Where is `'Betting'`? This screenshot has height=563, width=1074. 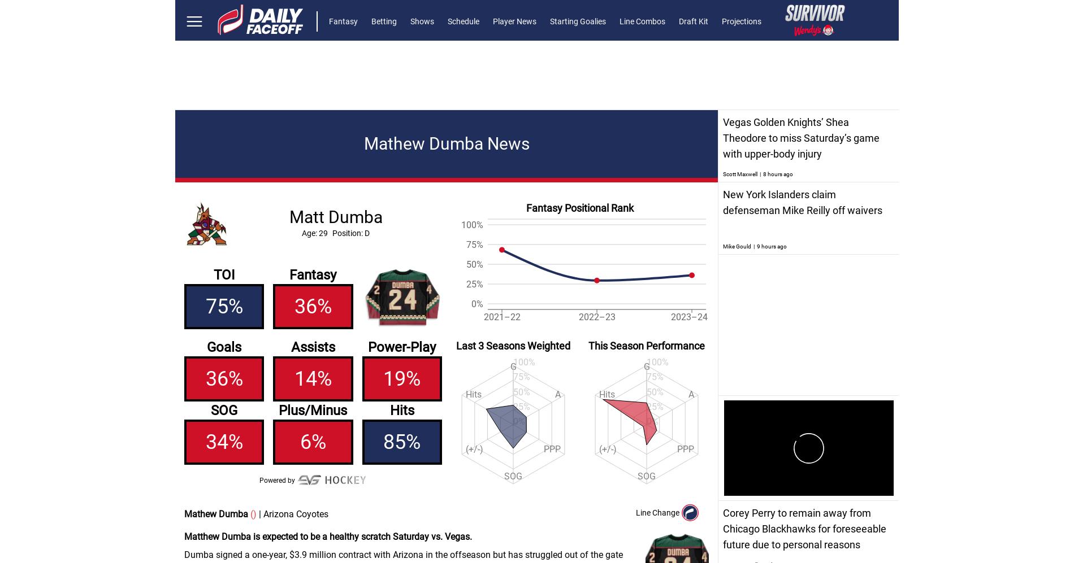
'Betting' is located at coordinates (384, 20).